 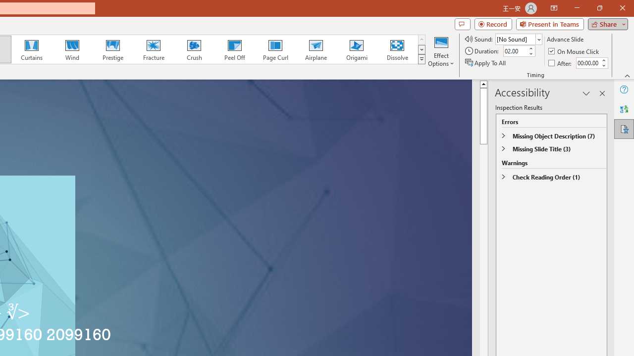 What do you see at coordinates (397, 49) in the screenshot?
I see `'Dissolve'` at bounding box center [397, 49].